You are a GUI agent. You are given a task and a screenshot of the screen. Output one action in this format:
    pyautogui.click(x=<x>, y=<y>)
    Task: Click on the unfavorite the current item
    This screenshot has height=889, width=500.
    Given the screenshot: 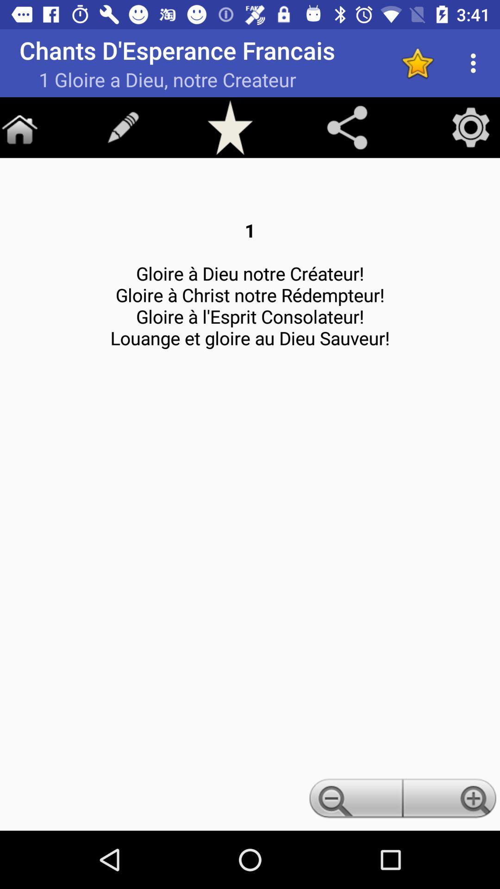 What is the action you would take?
    pyautogui.click(x=417, y=63)
    